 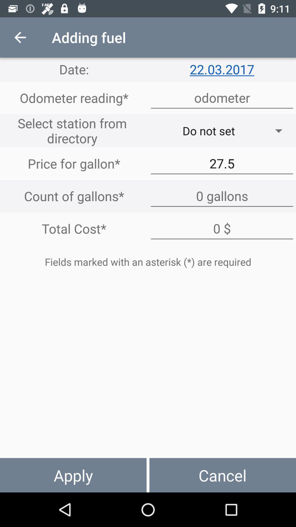 What do you see at coordinates (222, 229) in the screenshot?
I see `type the total` at bounding box center [222, 229].